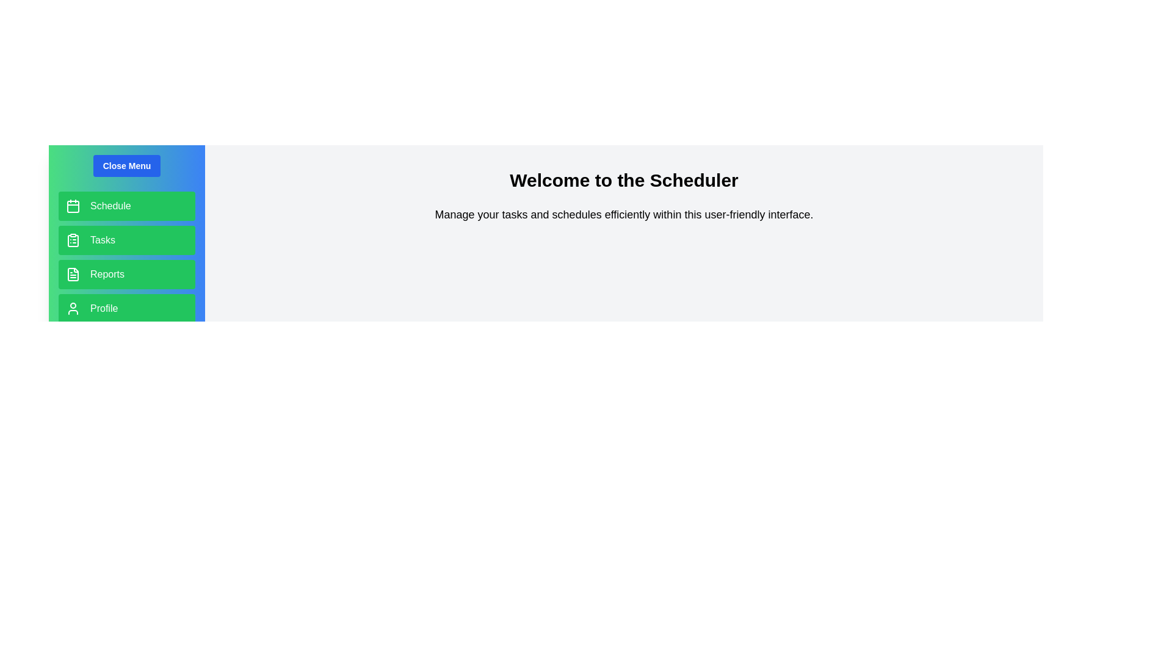  What do you see at coordinates (126, 166) in the screenshot?
I see `the button labeled 'Close Menu' to toggle the drawer visibility` at bounding box center [126, 166].